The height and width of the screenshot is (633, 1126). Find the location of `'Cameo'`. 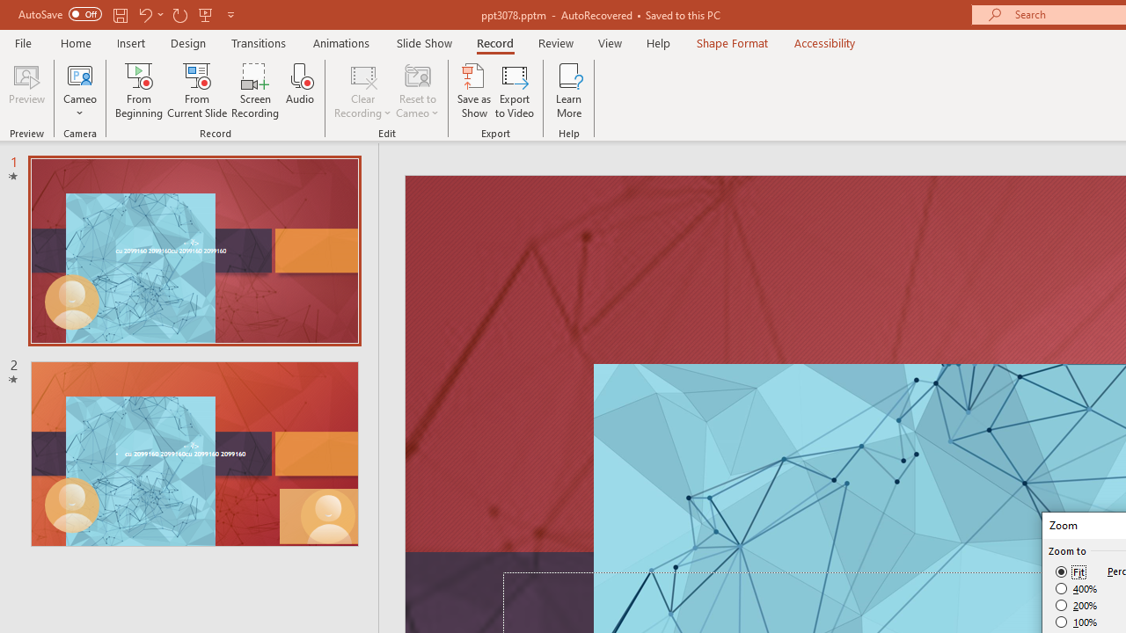

'Cameo' is located at coordinates (79, 74).